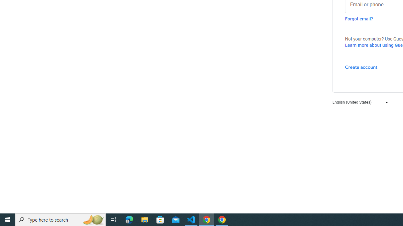 The width and height of the screenshot is (403, 226). What do you see at coordinates (359, 102) in the screenshot?
I see `'English (United States)'` at bounding box center [359, 102].